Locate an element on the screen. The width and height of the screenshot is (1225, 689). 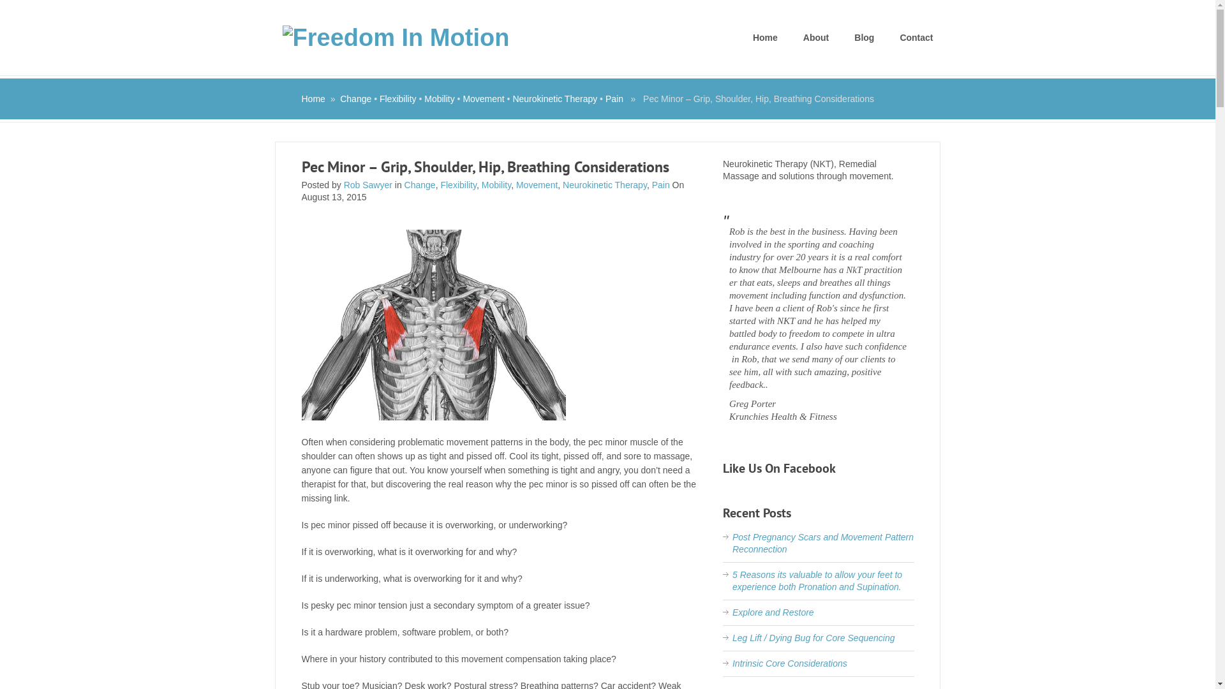
'Contact' is located at coordinates (915, 37).